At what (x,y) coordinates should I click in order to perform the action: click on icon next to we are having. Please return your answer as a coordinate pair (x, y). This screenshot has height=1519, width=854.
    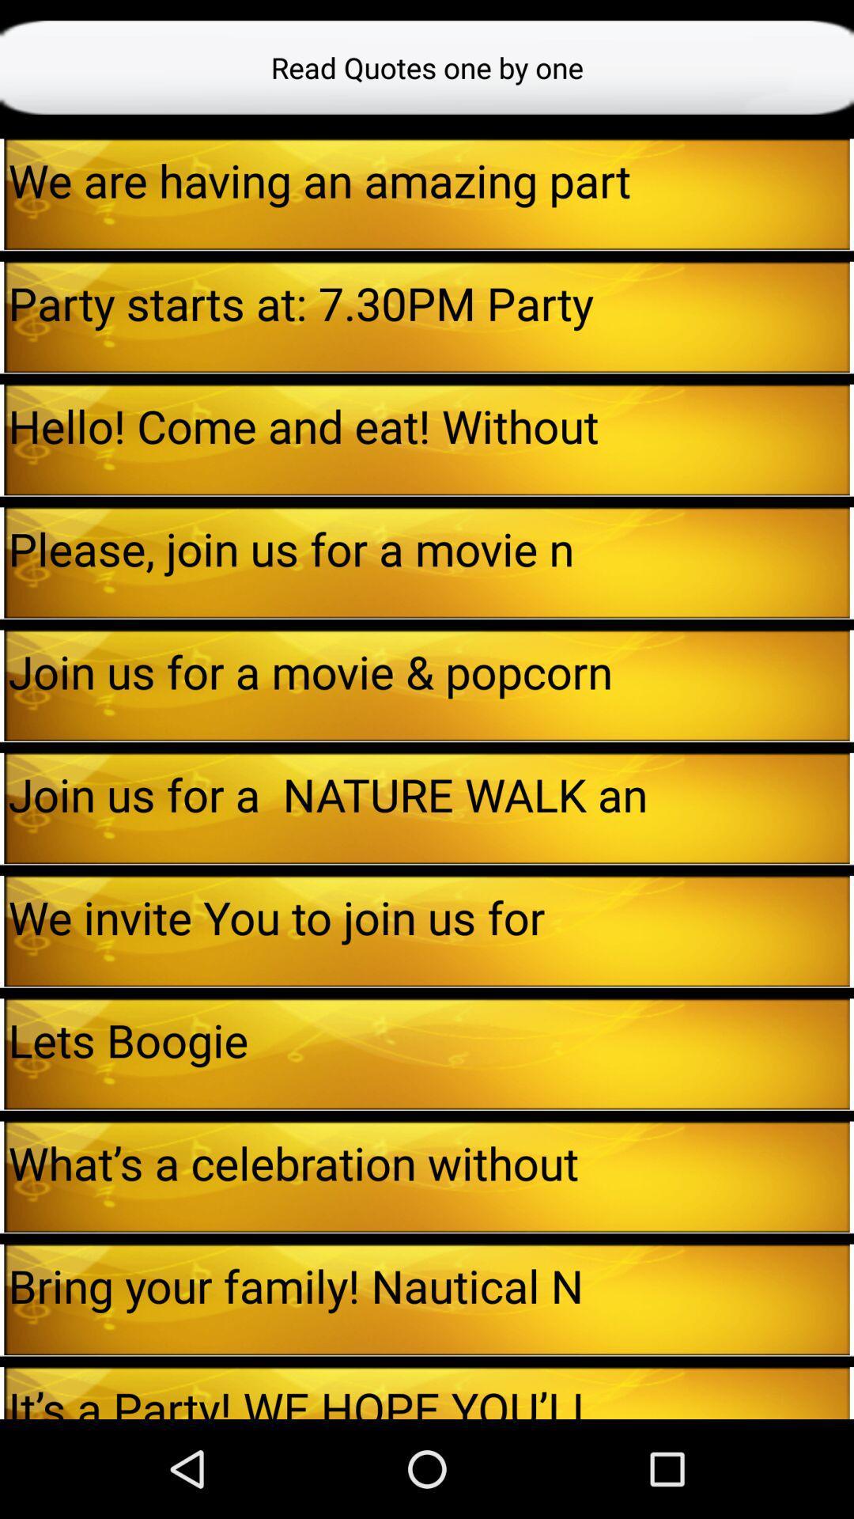
    Looking at the image, I should click on (2, 193).